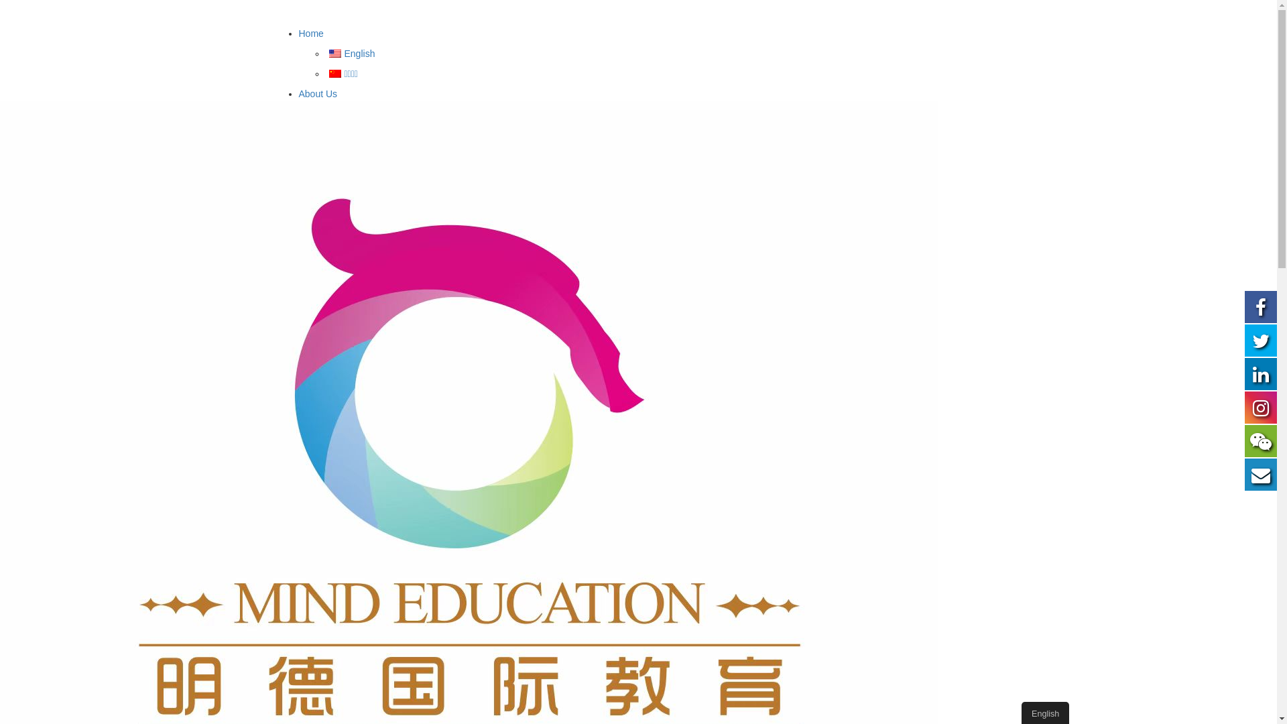 The width and height of the screenshot is (1287, 724). Describe the element at coordinates (423, 135) in the screenshot. I see `'Application for Study Tours/Study Abroad'` at that location.